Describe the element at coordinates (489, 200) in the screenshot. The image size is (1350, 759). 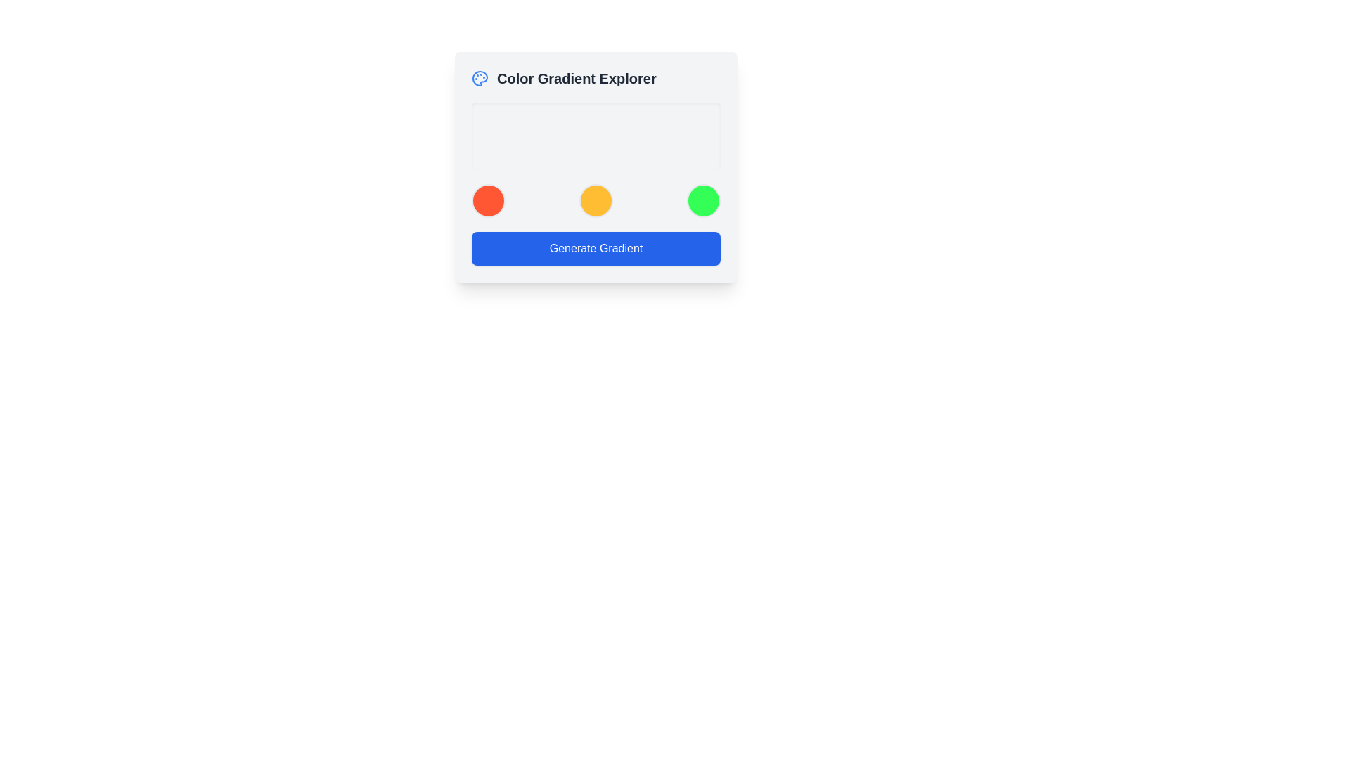
I see `the leftmost circular UI element representing color selection in the gradient interface` at that location.